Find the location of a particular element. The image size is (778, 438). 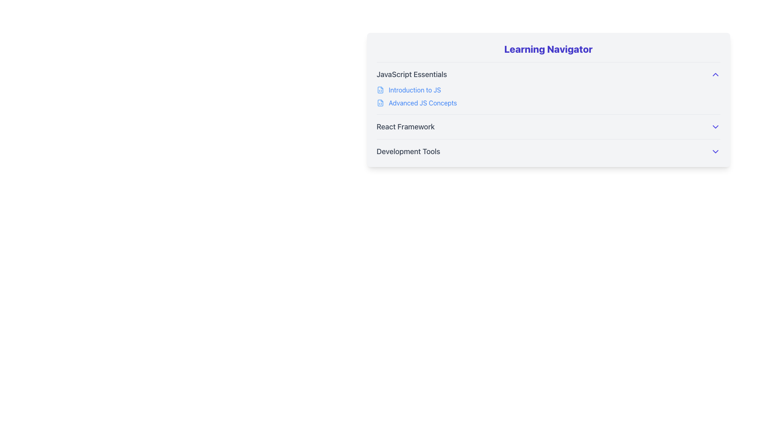

the static text label displaying 'React Framework' which is positioned under 'JavaScript Essentials' and above 'Development Tools' is located at coordinates (406, 127).